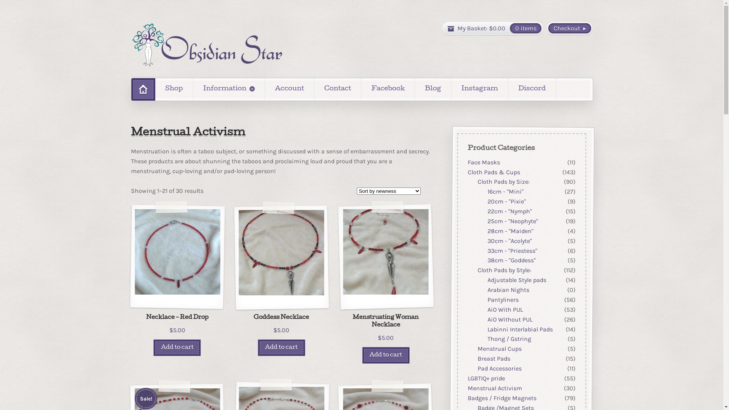  I want to click on 'Pad Accessories', so click(499, 368).